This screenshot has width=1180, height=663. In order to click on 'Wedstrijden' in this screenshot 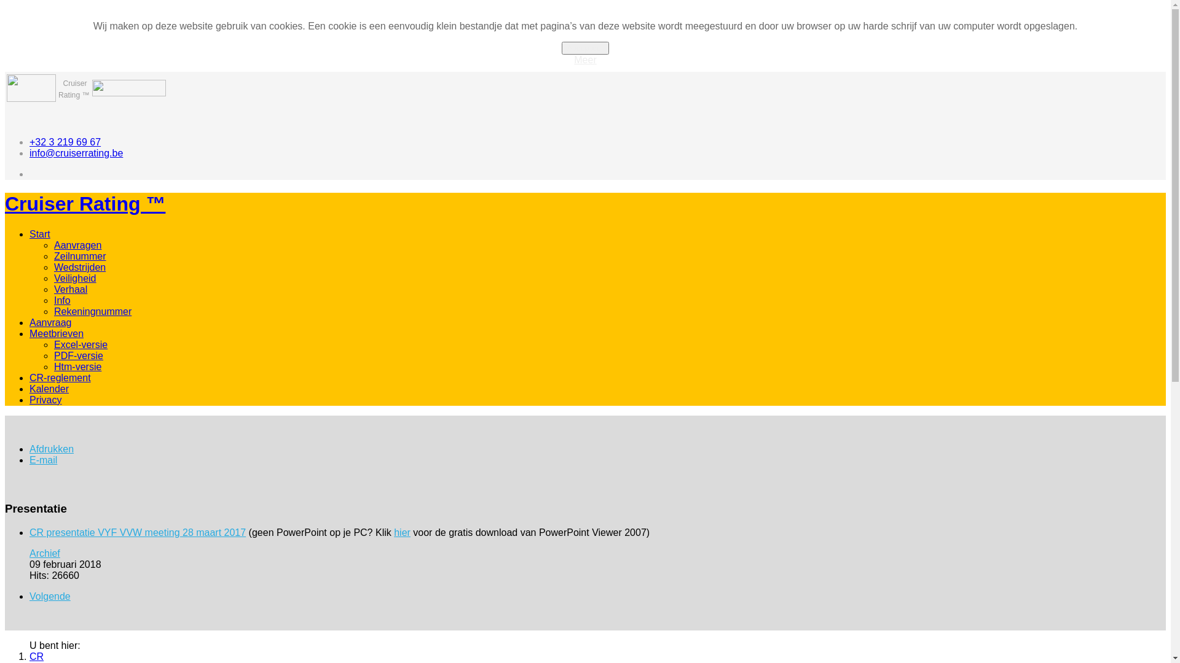, I will do `click(79, 266)`.